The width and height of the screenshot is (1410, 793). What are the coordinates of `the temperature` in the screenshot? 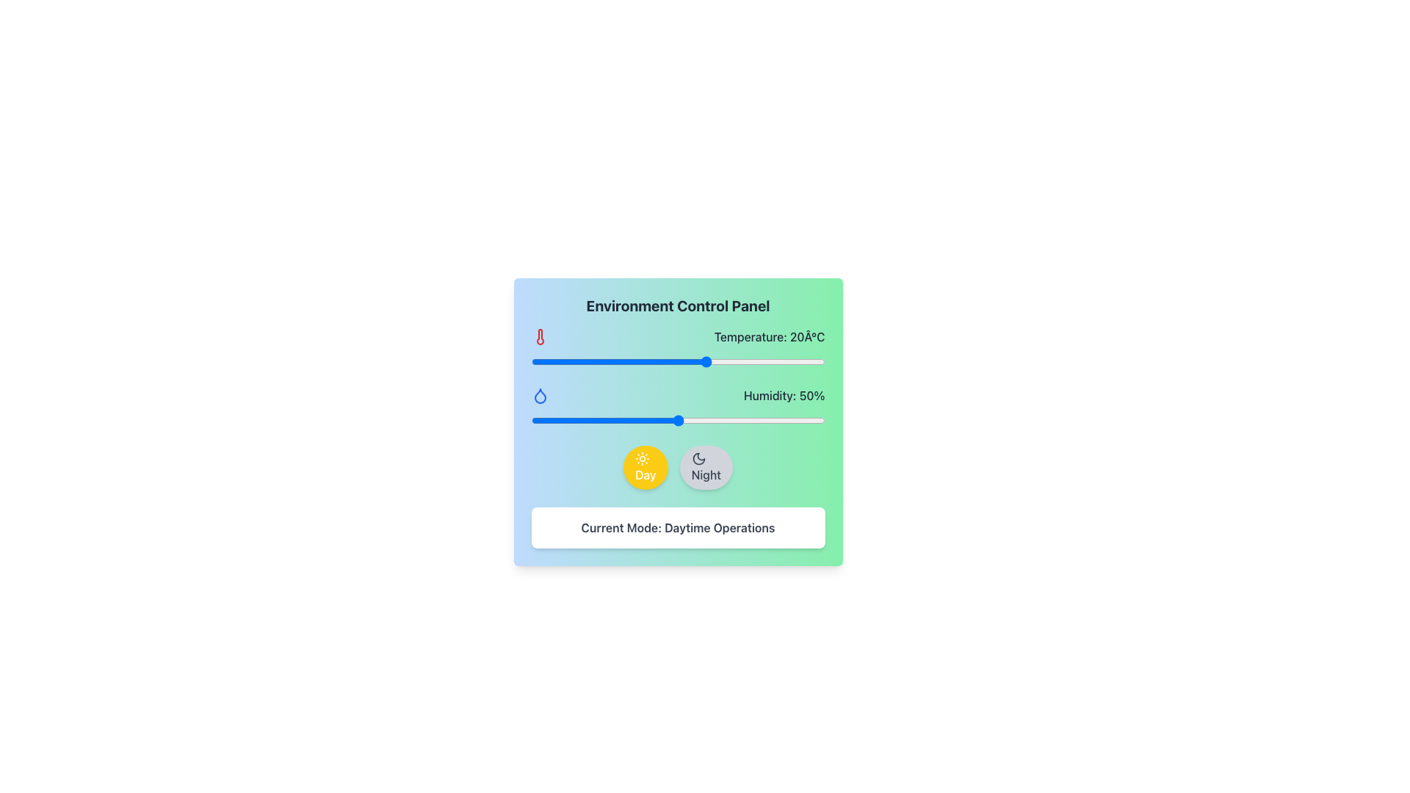 It's located at (713, 362).